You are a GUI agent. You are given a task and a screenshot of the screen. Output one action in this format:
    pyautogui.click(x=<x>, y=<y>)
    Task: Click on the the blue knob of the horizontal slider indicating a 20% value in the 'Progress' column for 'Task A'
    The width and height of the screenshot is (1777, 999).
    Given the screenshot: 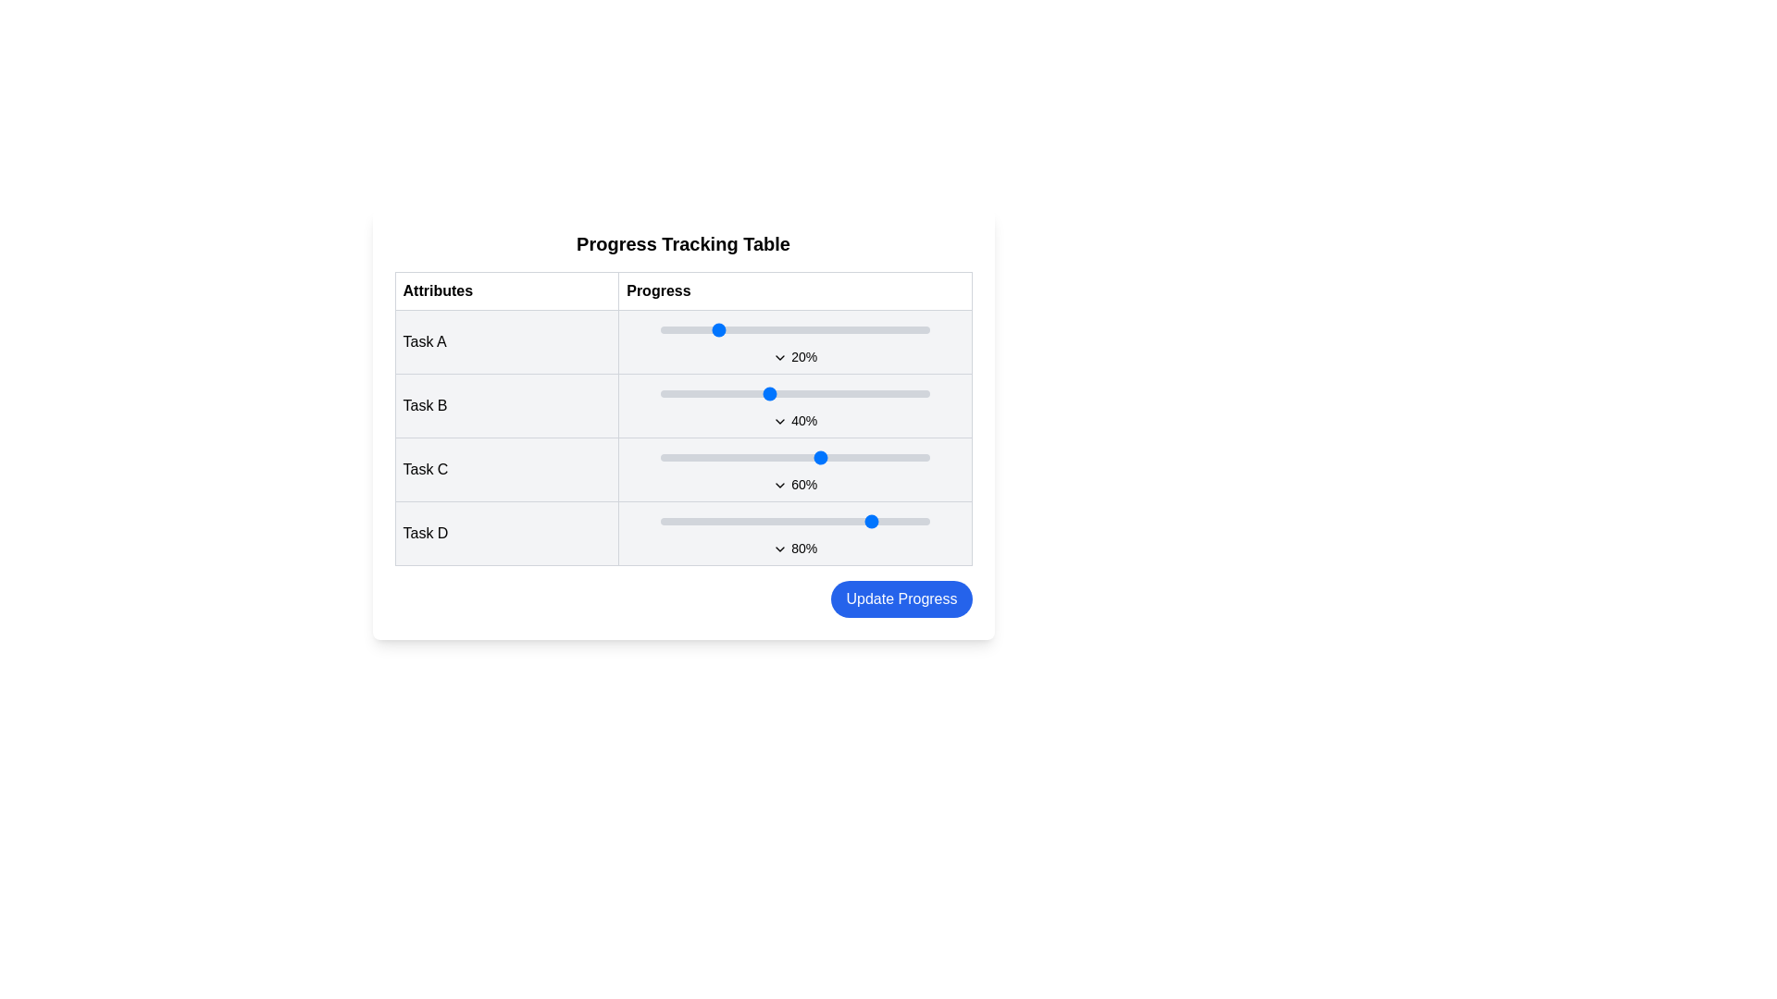 What is the action you would take?
    pyautogui.click(x=795, y=329)
    